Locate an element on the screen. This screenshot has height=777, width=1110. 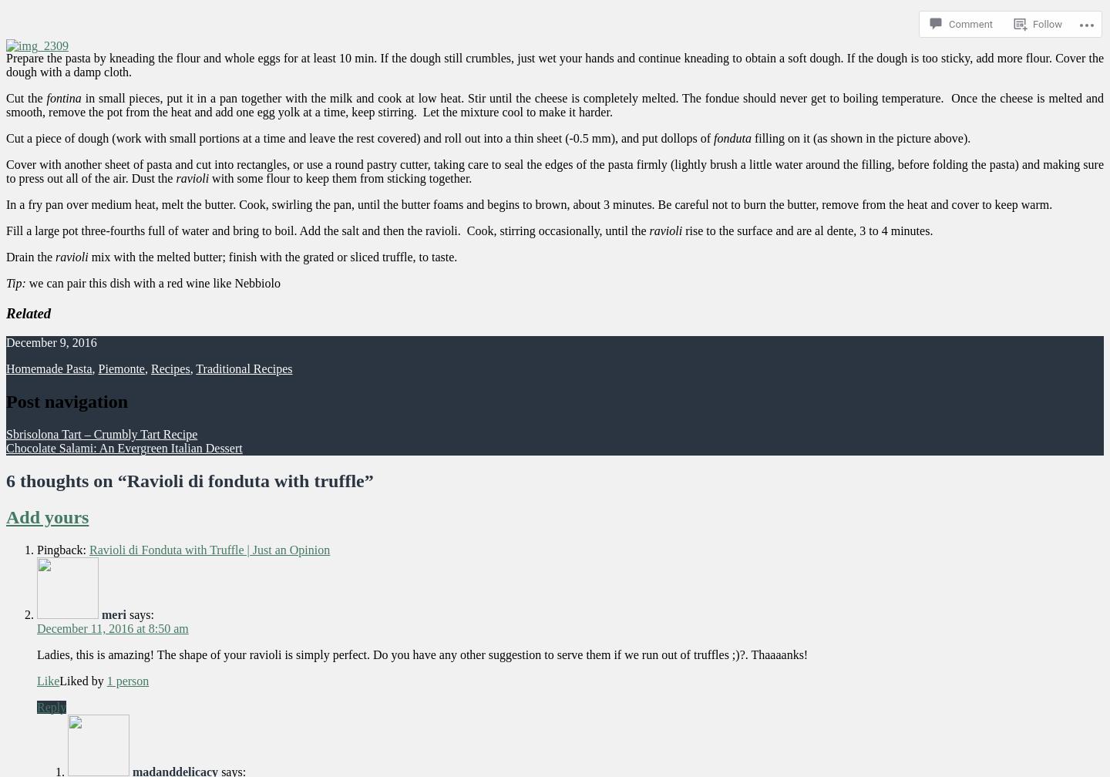
'Tip:' is located at coordinates (5, 282).